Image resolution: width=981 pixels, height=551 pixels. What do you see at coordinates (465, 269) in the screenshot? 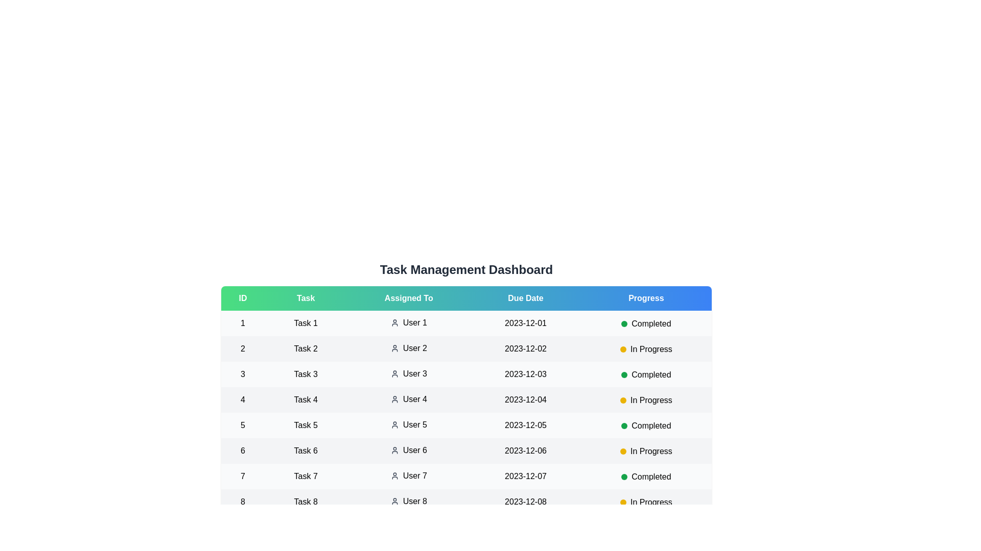
I see `the header text labeled 'Task Management Dashboard'` at bounding box center [465, 269].